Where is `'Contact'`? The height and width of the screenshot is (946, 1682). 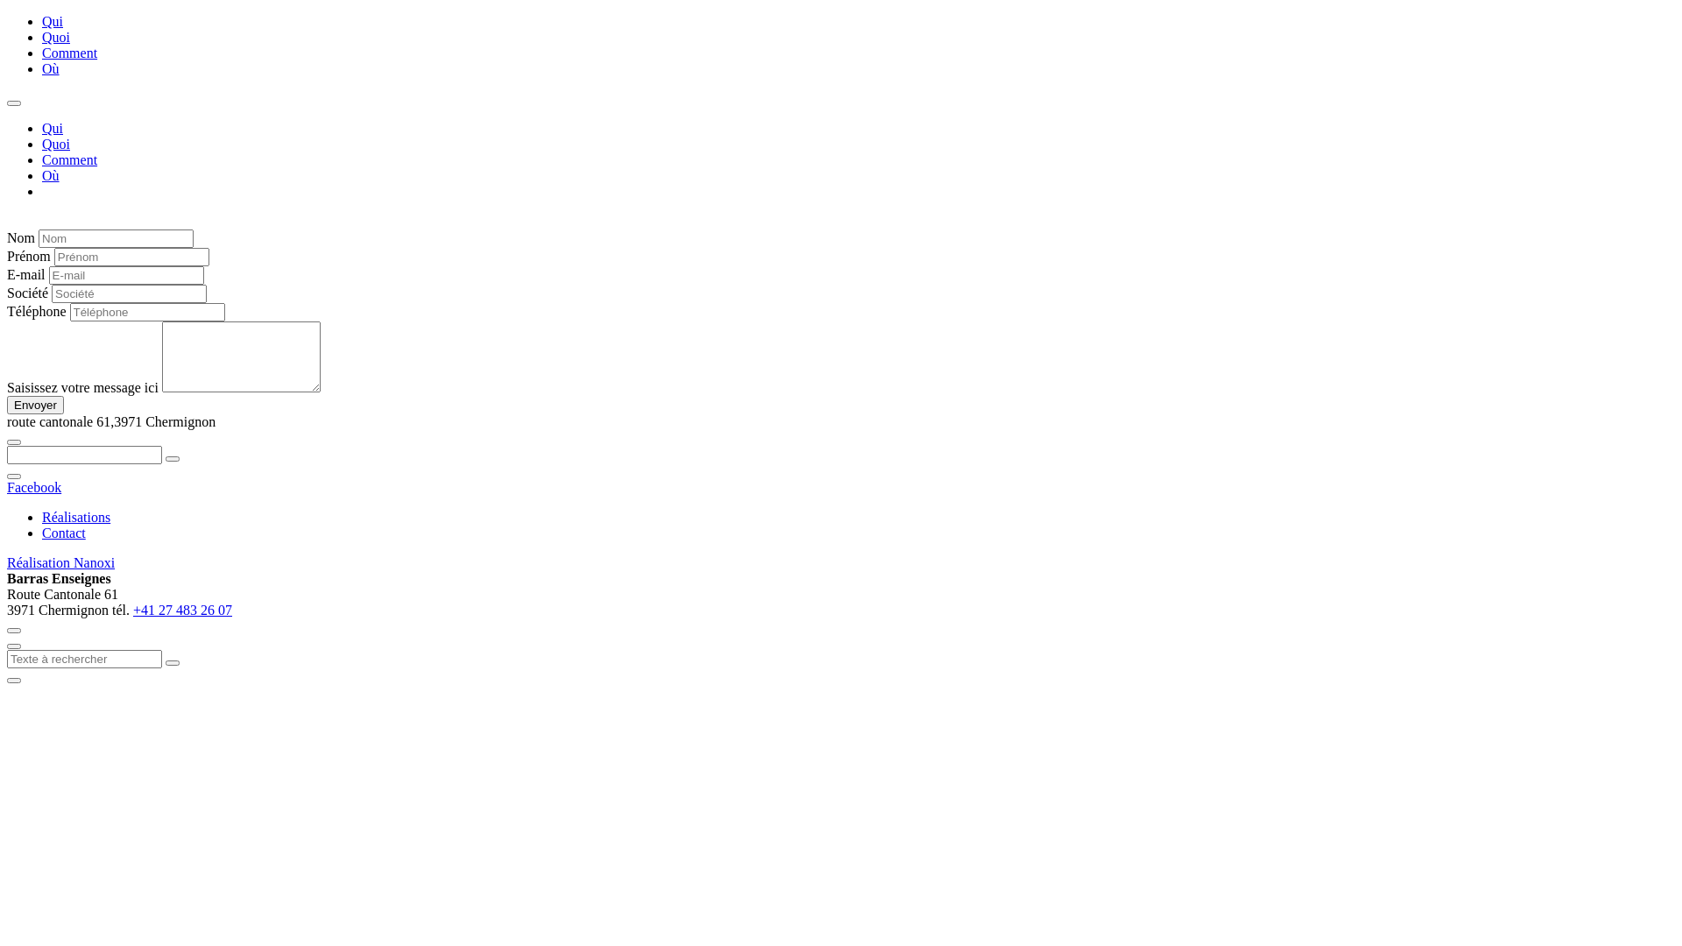
'Contact' is located at coordinates (63, 532).